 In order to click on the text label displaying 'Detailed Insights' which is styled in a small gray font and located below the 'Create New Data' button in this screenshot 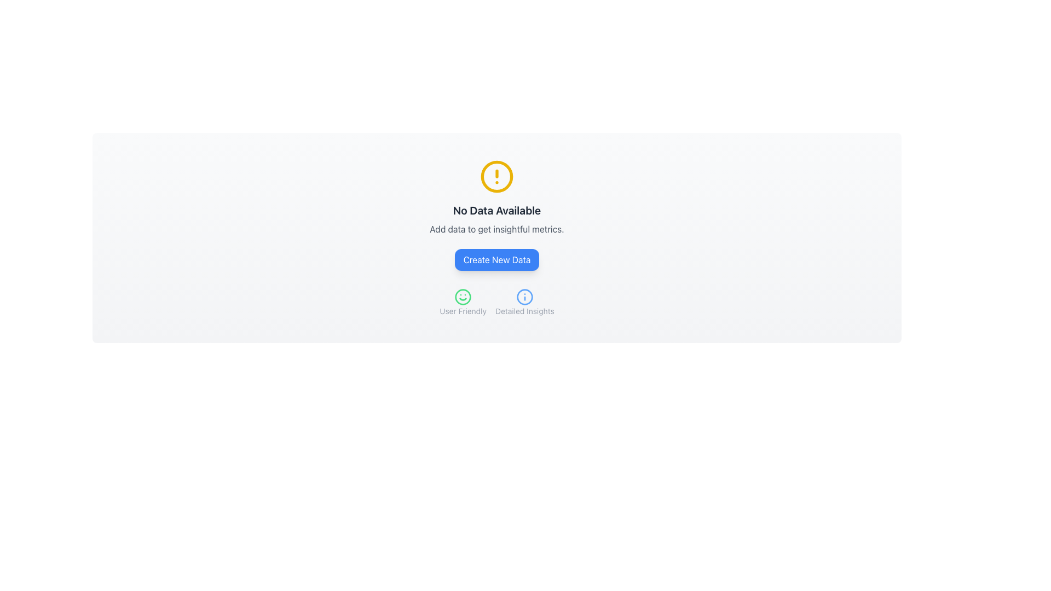, I will do `click(524, 311)`.